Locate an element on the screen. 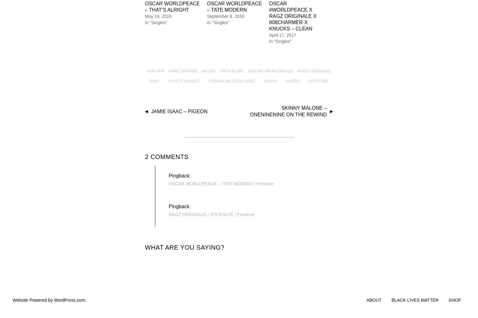  'Website Powered by WordPress.com' is located at coordinates (48, 299).